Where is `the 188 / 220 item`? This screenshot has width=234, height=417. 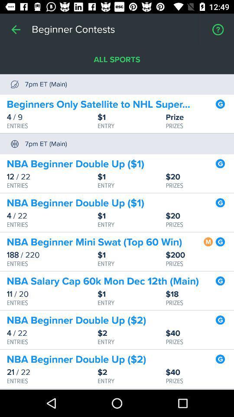
the 188 / 220 item is located at coordinates (52, 255).